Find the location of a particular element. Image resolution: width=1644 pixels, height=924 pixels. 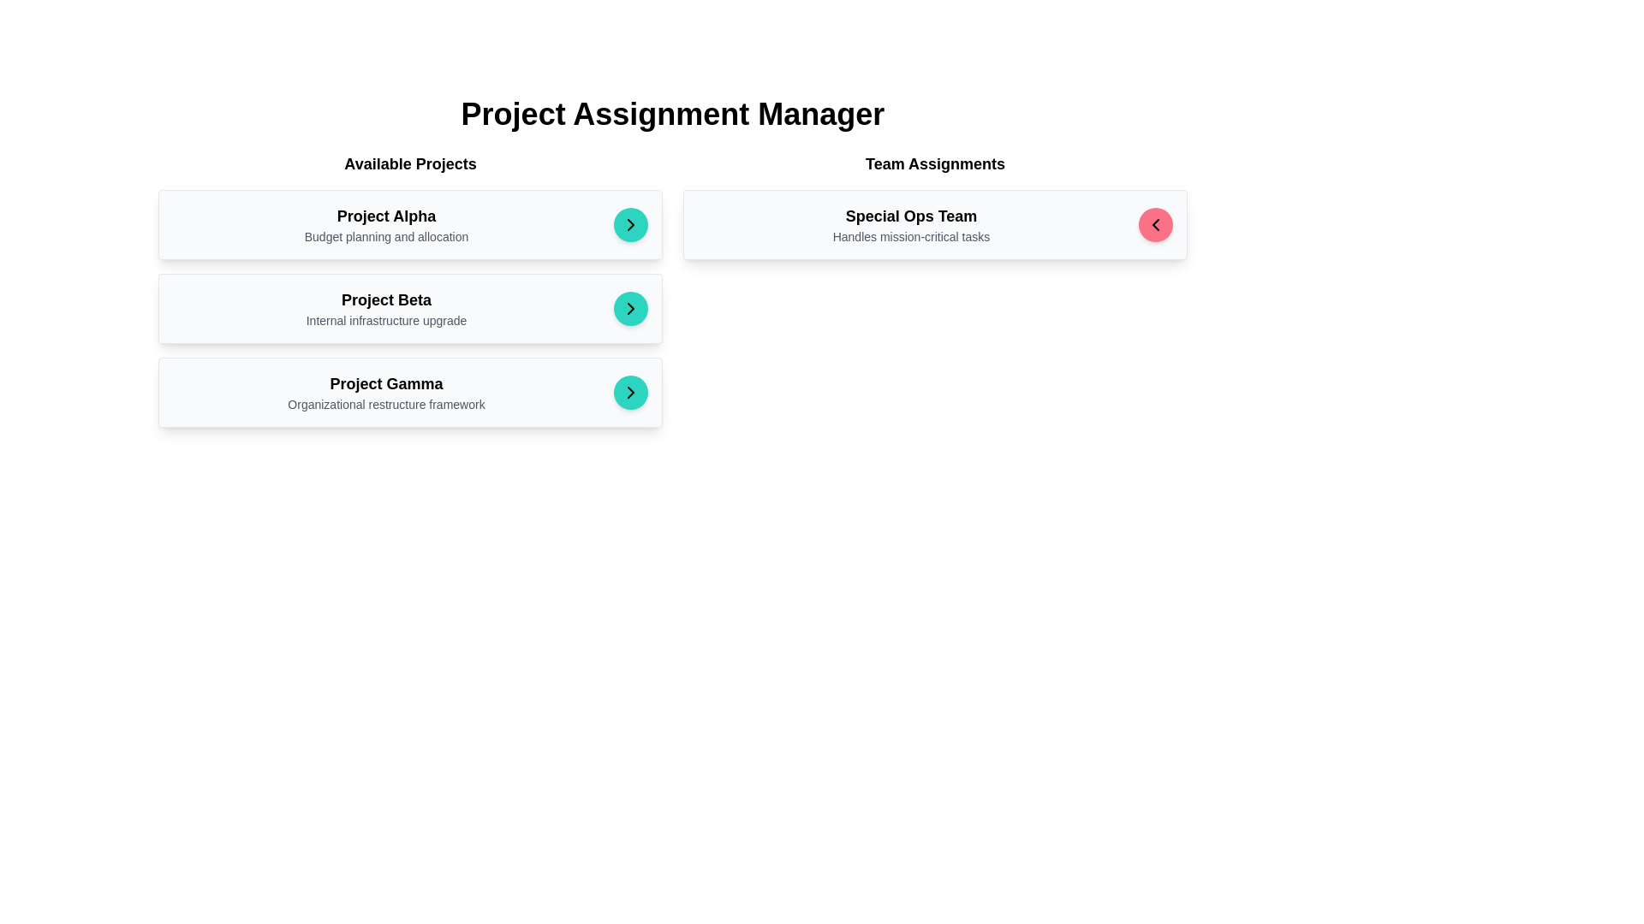

the text label that describes the project 'Project Alpha', located directly below the 'Project Alpha' title in the 'Available Projects' section is located at coordinates (385, 237).